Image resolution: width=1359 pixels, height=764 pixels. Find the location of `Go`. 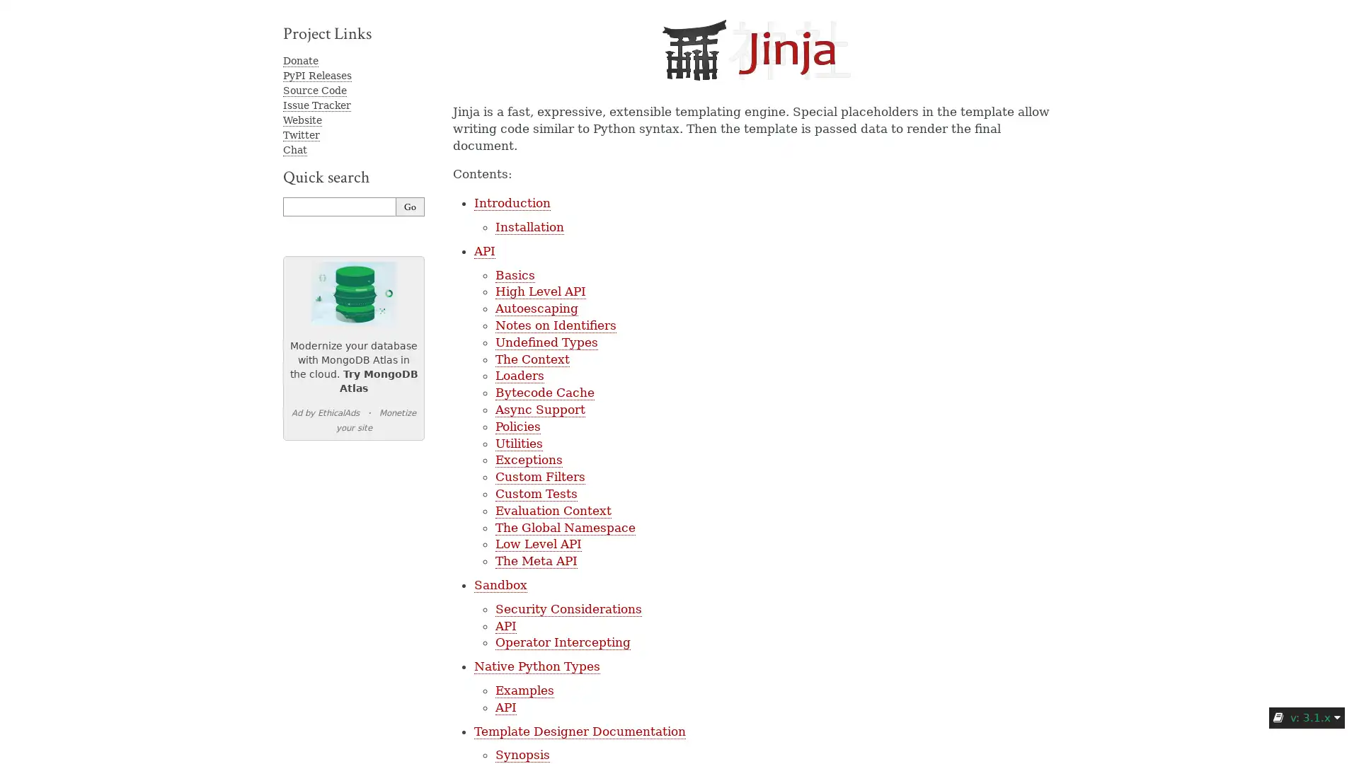

Go is located at coordinates (410, 207).